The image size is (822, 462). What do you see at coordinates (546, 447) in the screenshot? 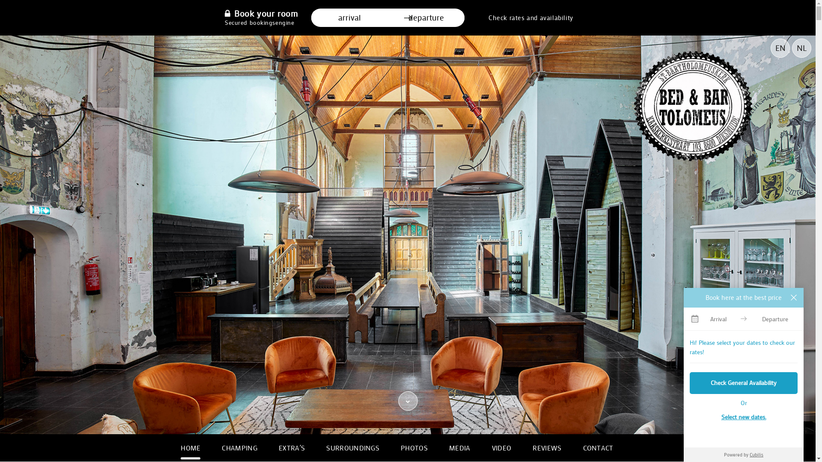
I see `'REVIEWS'` at bounding box center [546, 447].